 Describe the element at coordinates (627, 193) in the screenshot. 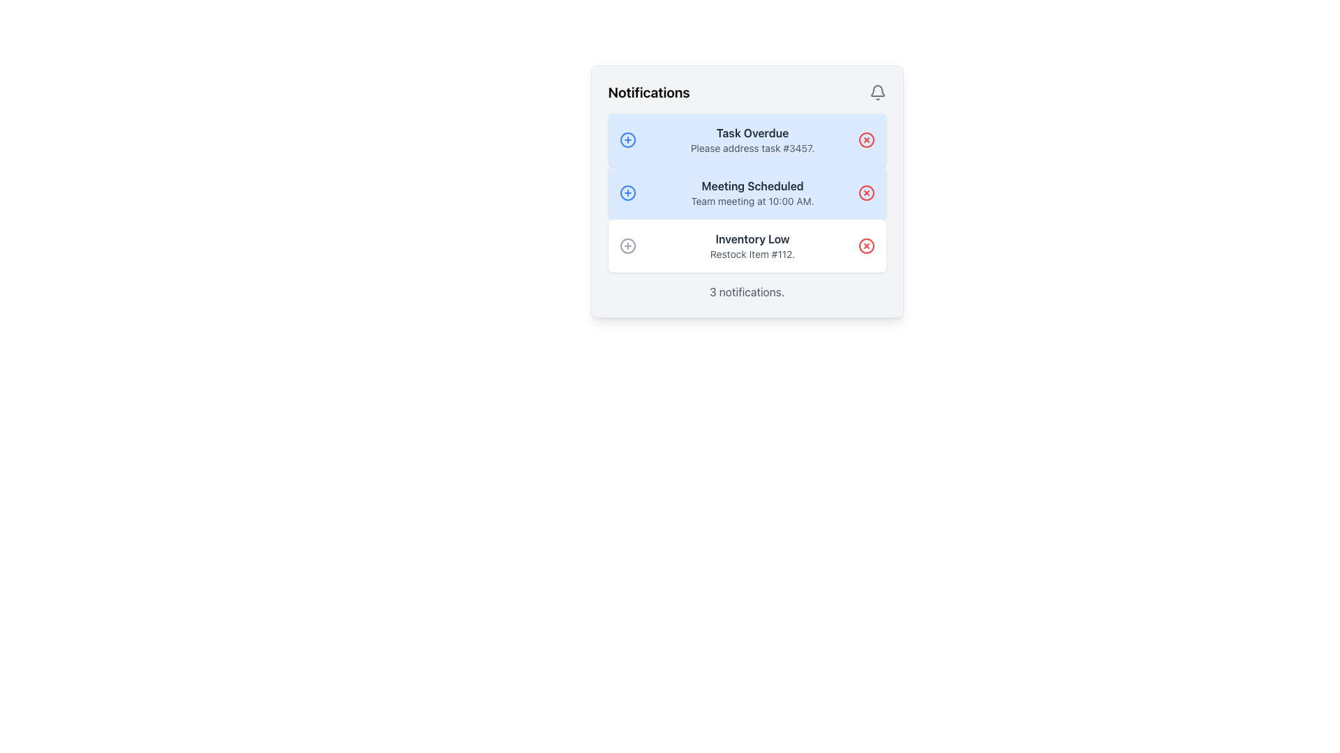

I see `the circular outline button with a blue stroke that is part of the 'Meeting Scheduled' notification icon, located to the left of the notification text` at that location.